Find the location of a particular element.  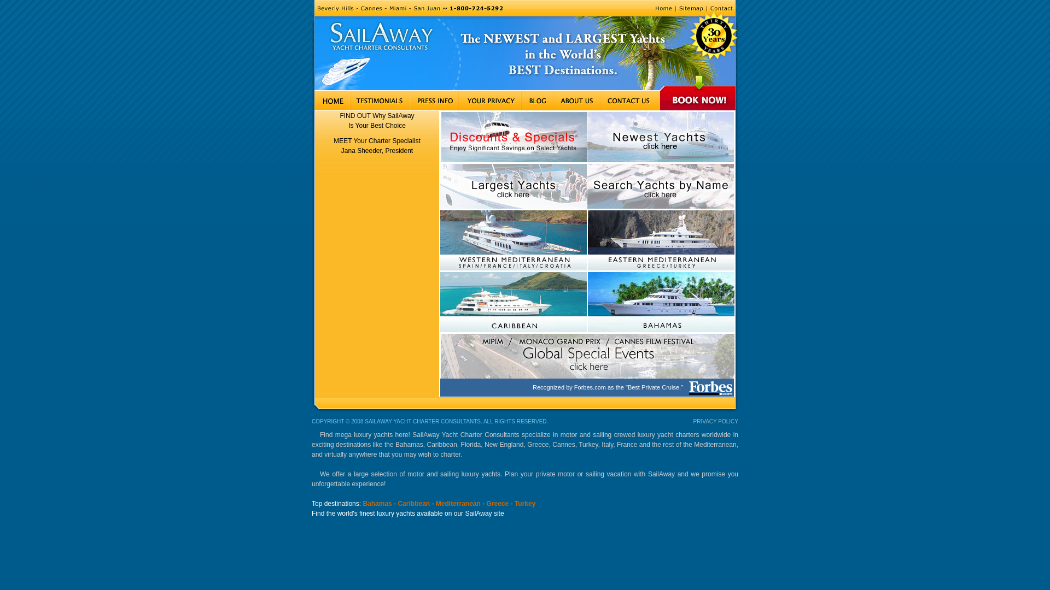

'Home' is located at coordinates (663, 8).